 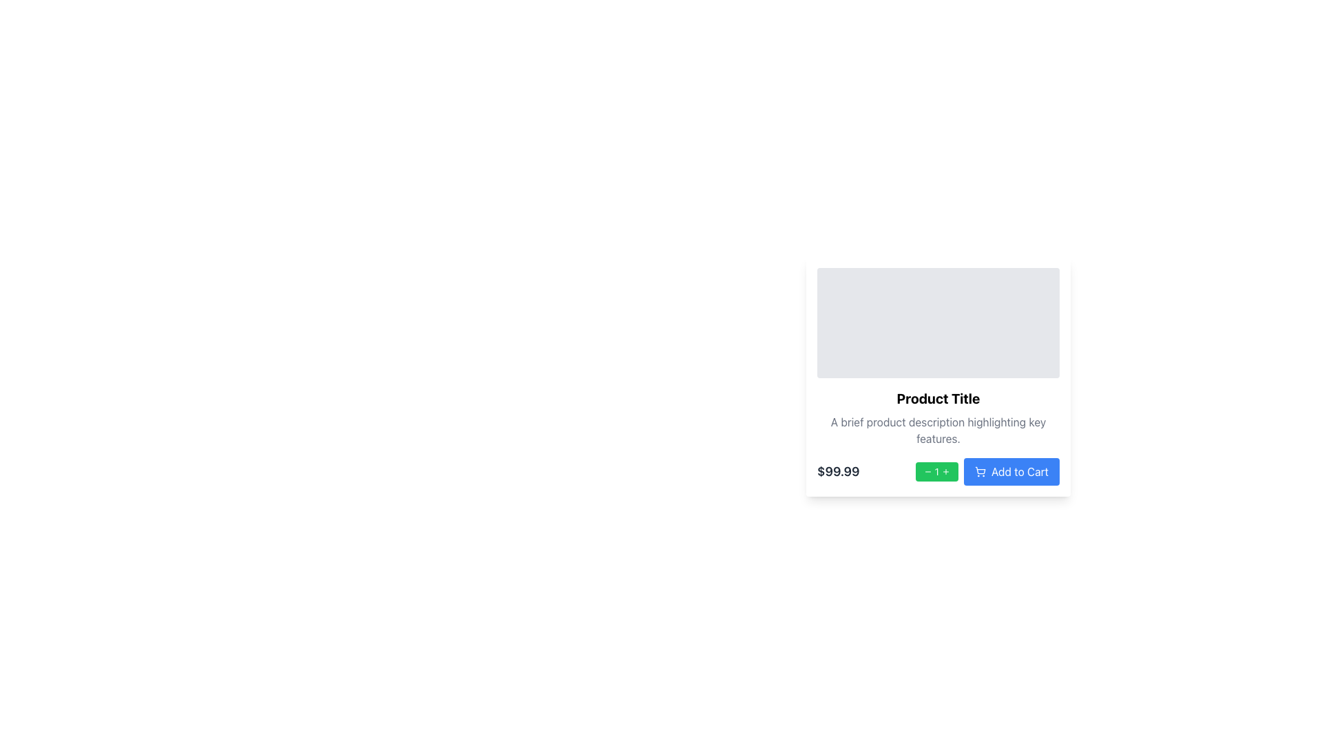 I want to click on the 'Product Title' text label which is bold and large, located below the gray rectangular placeholder area, so click(x=938, y=398).